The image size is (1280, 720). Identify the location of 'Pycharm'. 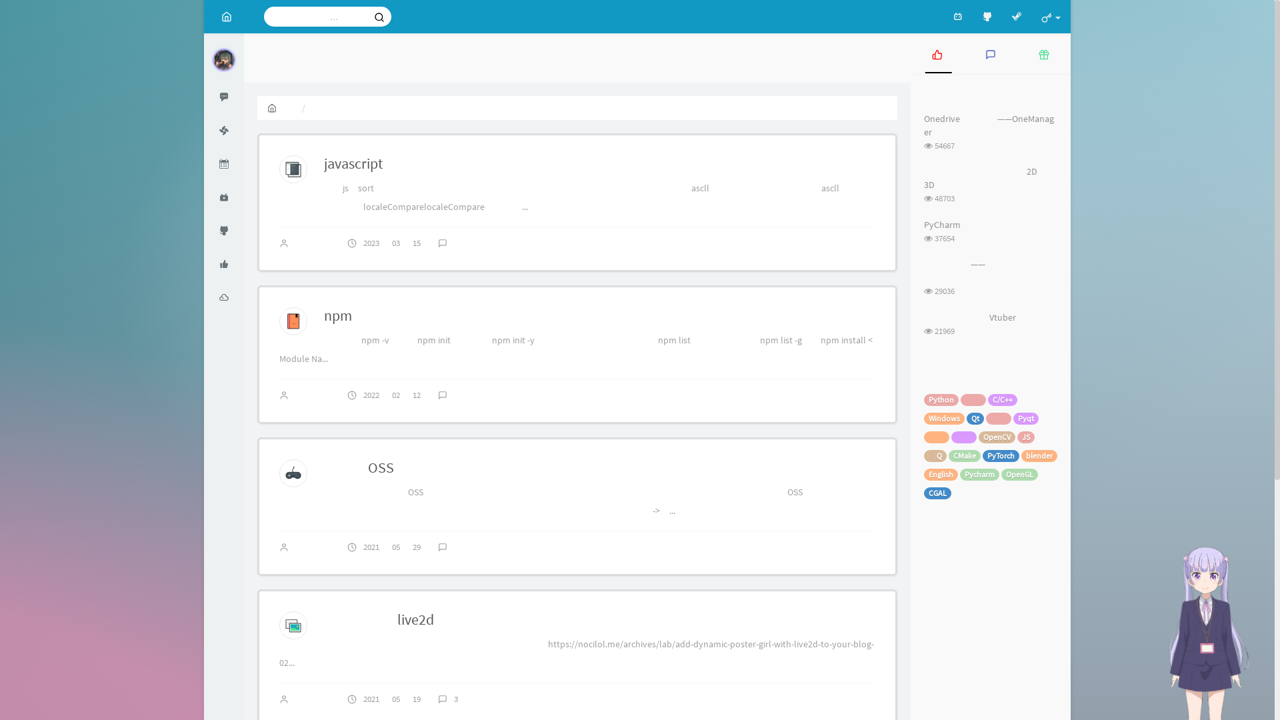
(979, 474).